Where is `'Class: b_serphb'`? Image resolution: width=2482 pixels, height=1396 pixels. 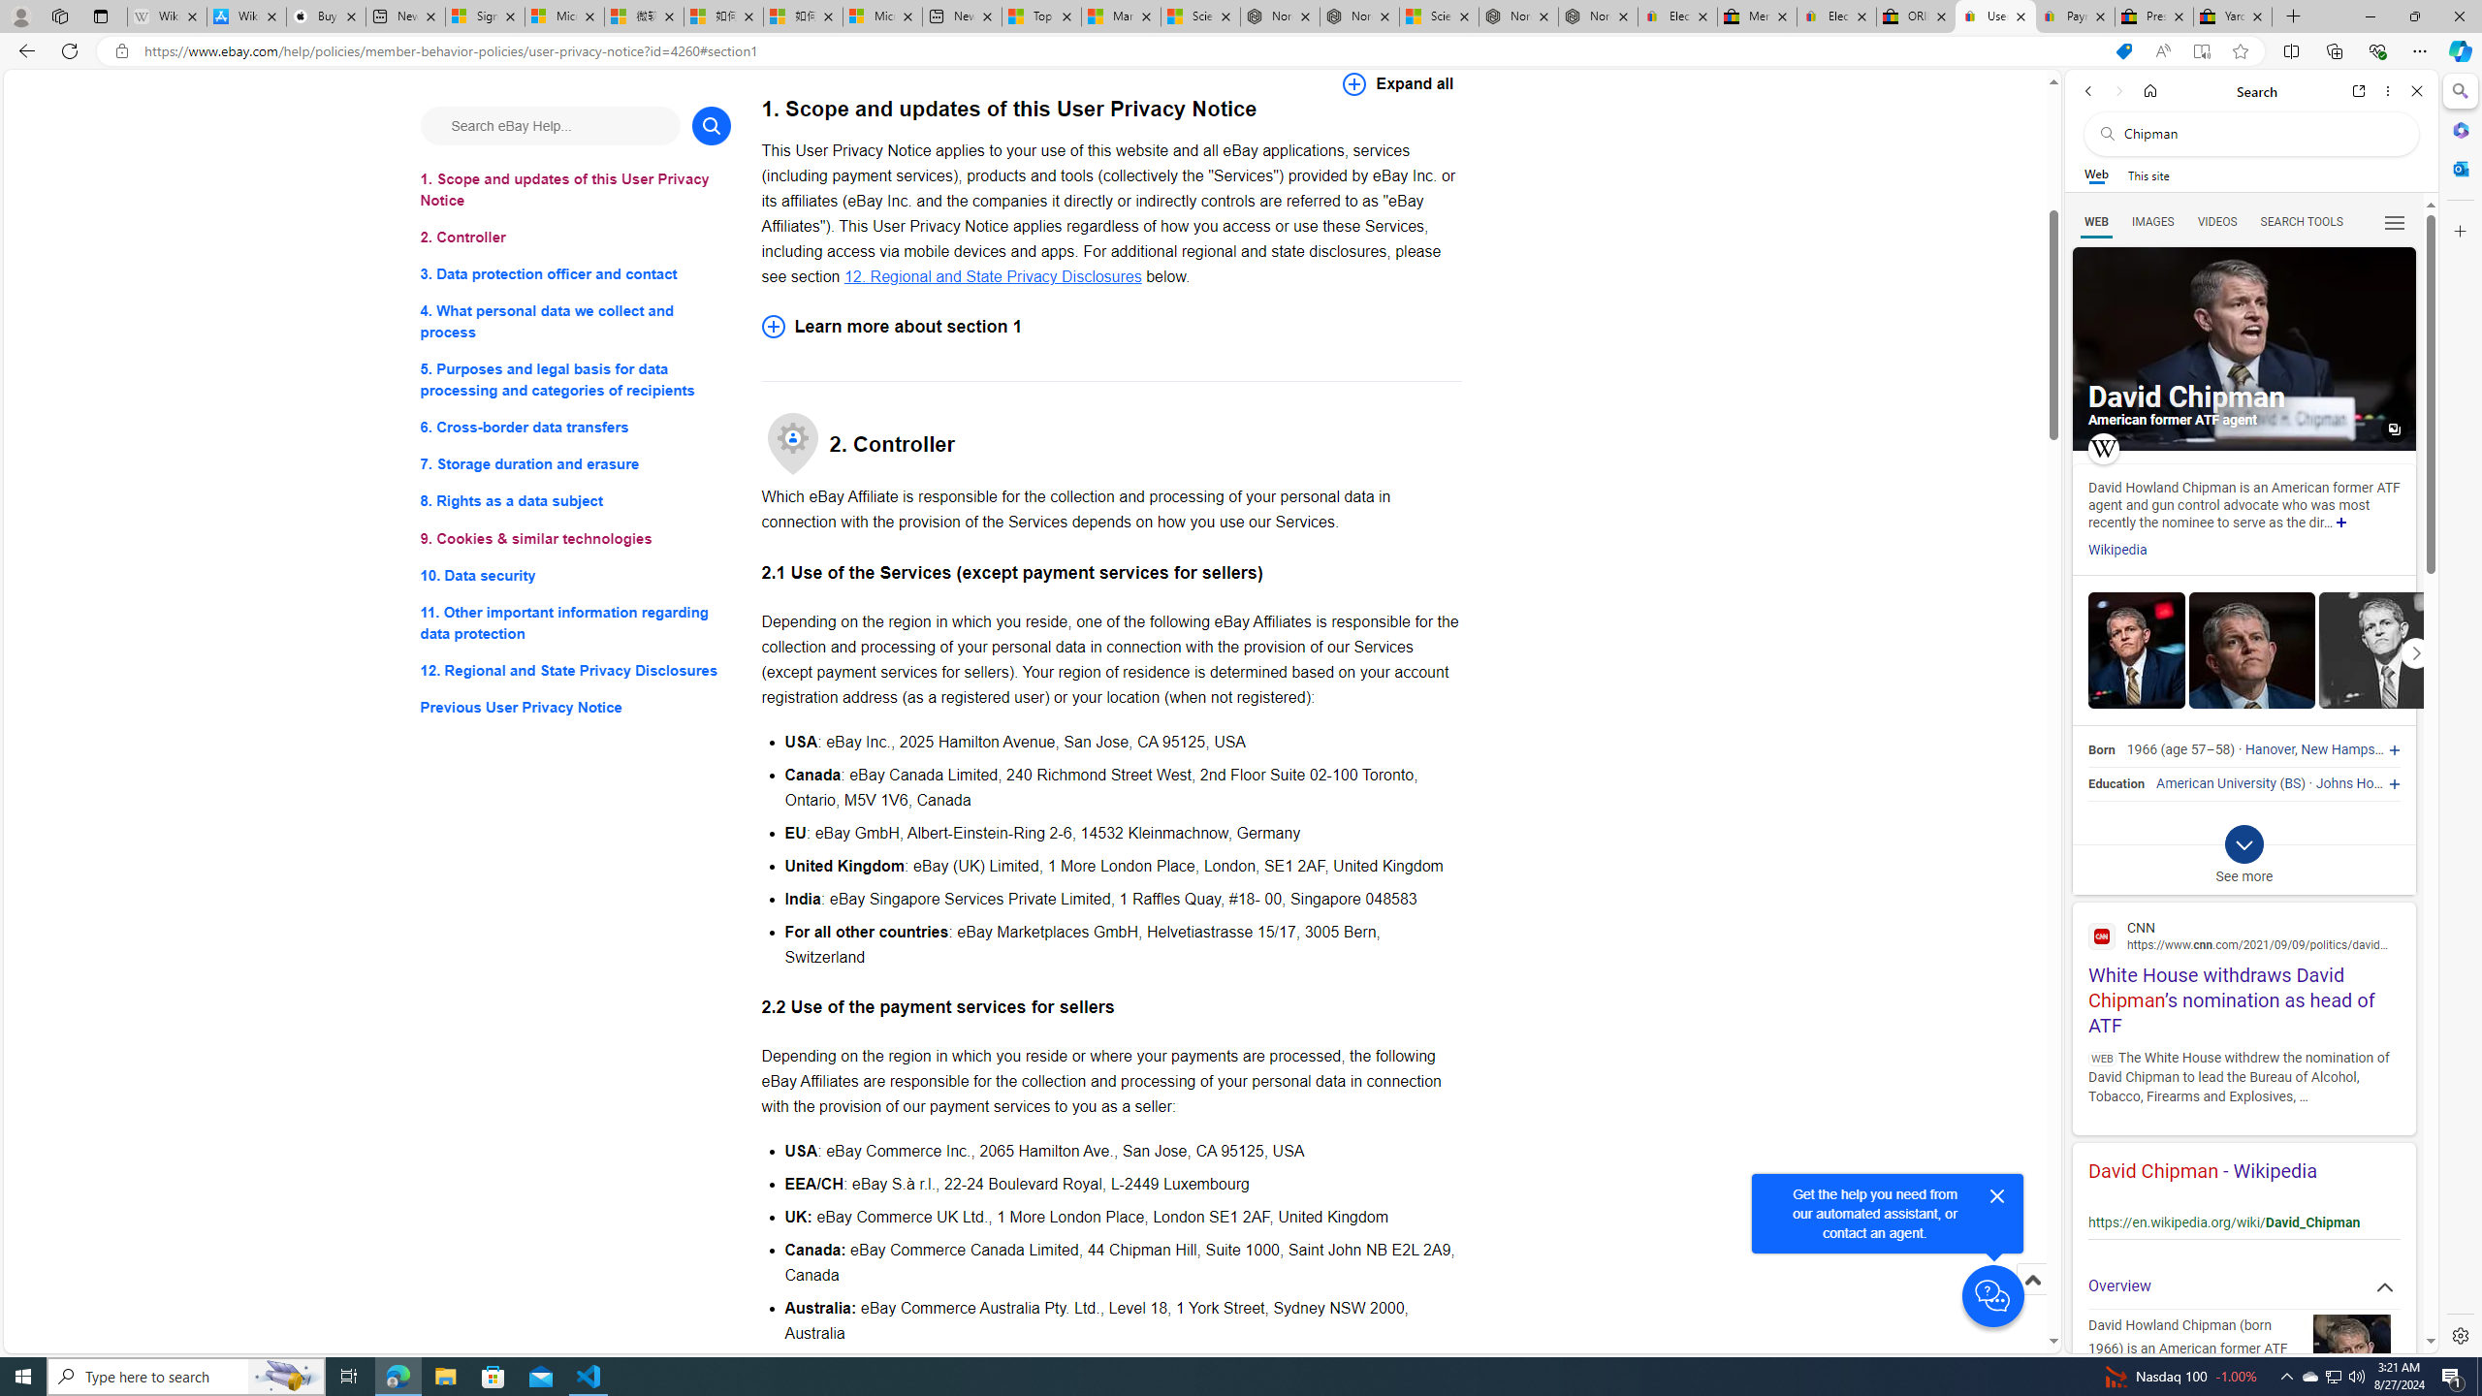
'Class: b_serphb' is located at coordinates (2395, 222).